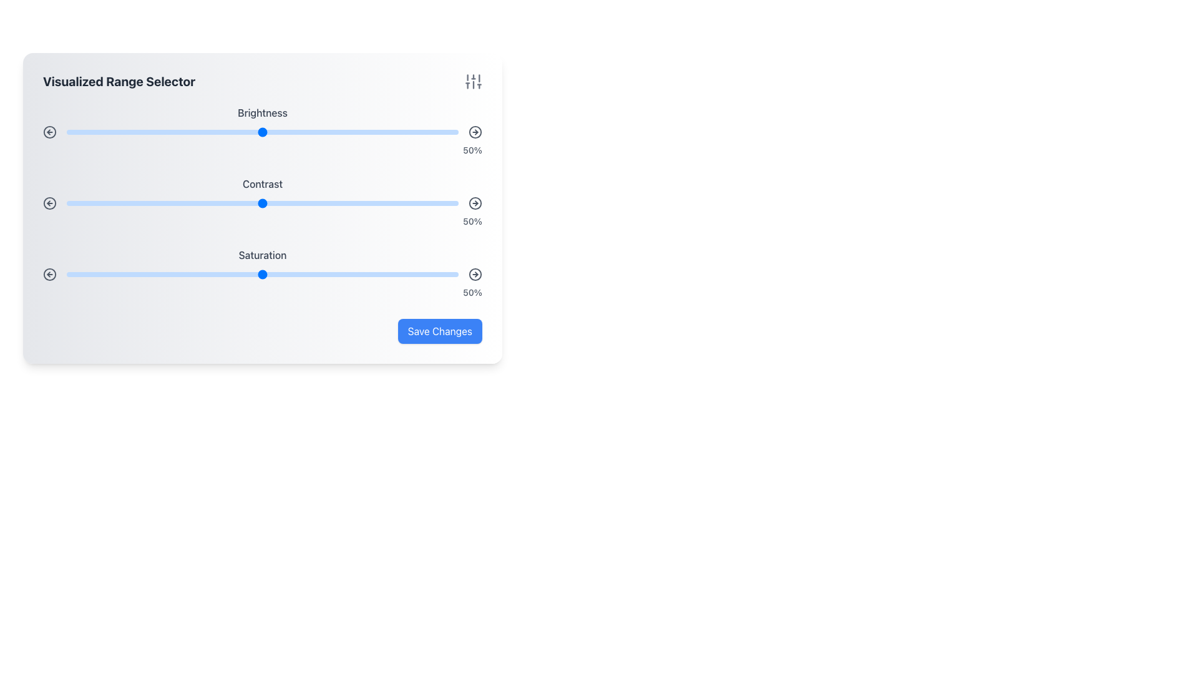 The image size is (1198, 674). What do you see at coordinates (262, 293) in the screenshot?
I see `the text label indicating the current value (50%) of the 'Saturation' slider, located to the far right of the slider within the control panel` at bounding box center [262, 293].